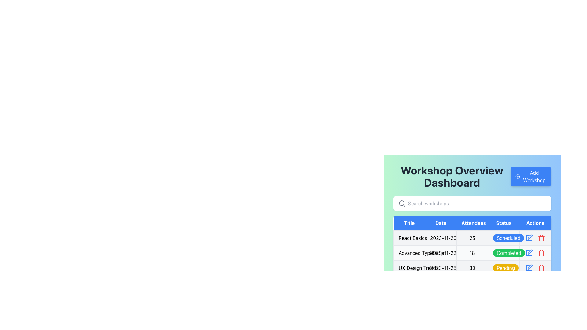  I want to click on the red icon in the 'Actions' column of the second row of the table, so click(535, 253).